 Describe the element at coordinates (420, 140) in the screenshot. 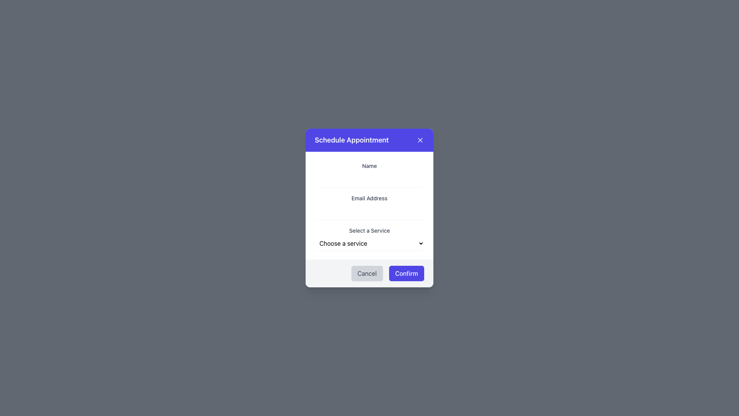

I see `the close button icon located in the top-right corner of the modal dialog box's header area, positioned to the right of 'Schedule Appointment.'` at that location.